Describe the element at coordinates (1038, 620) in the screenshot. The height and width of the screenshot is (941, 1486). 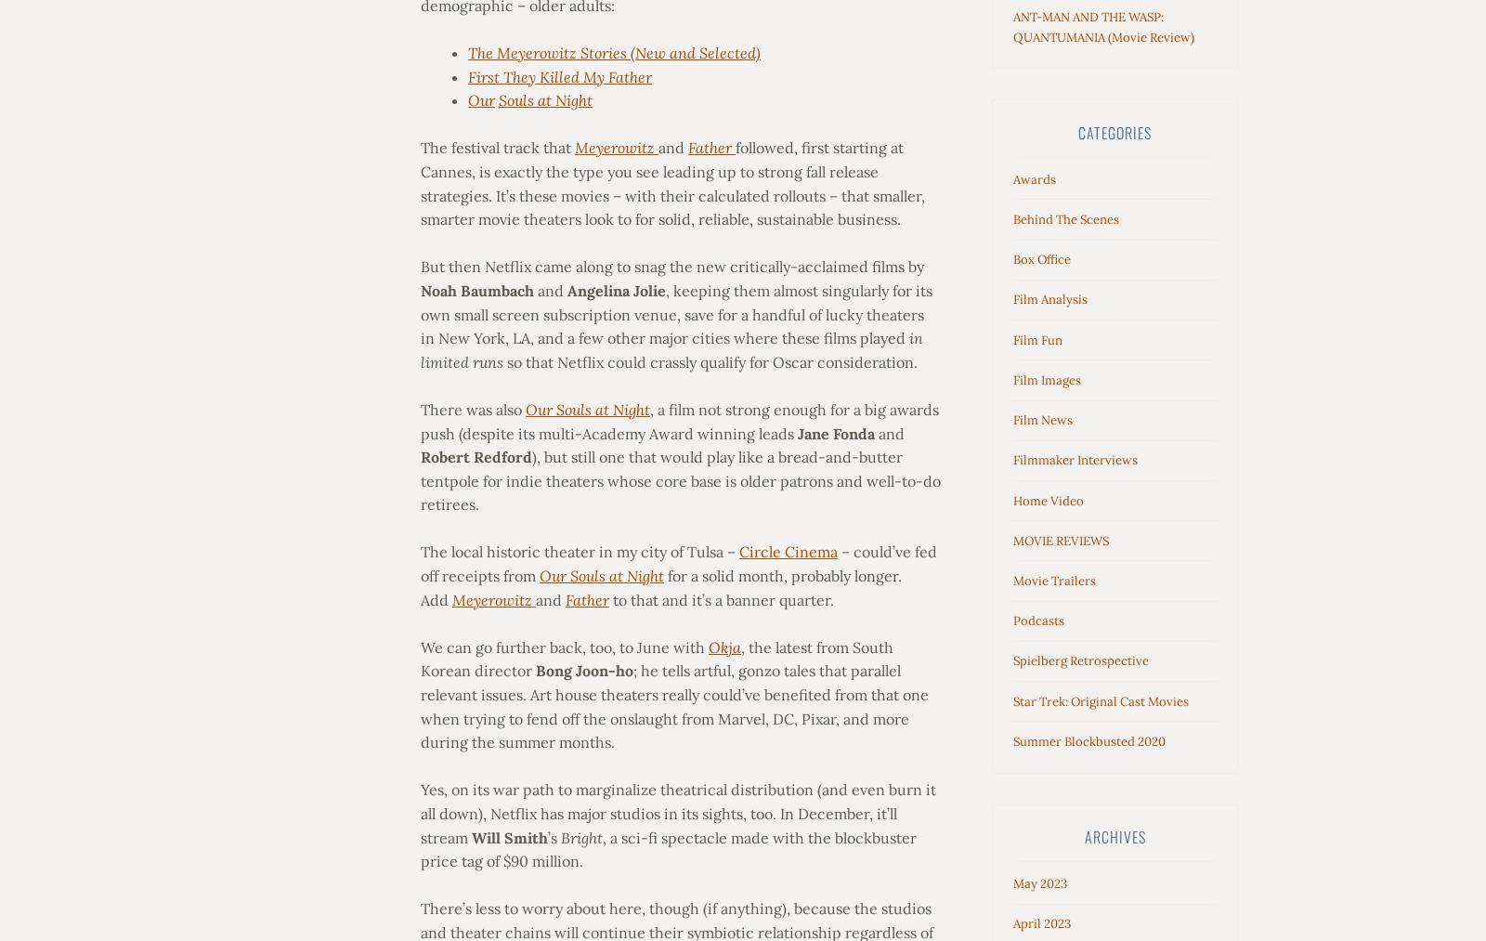
I see `'Podcasts'` at that location.